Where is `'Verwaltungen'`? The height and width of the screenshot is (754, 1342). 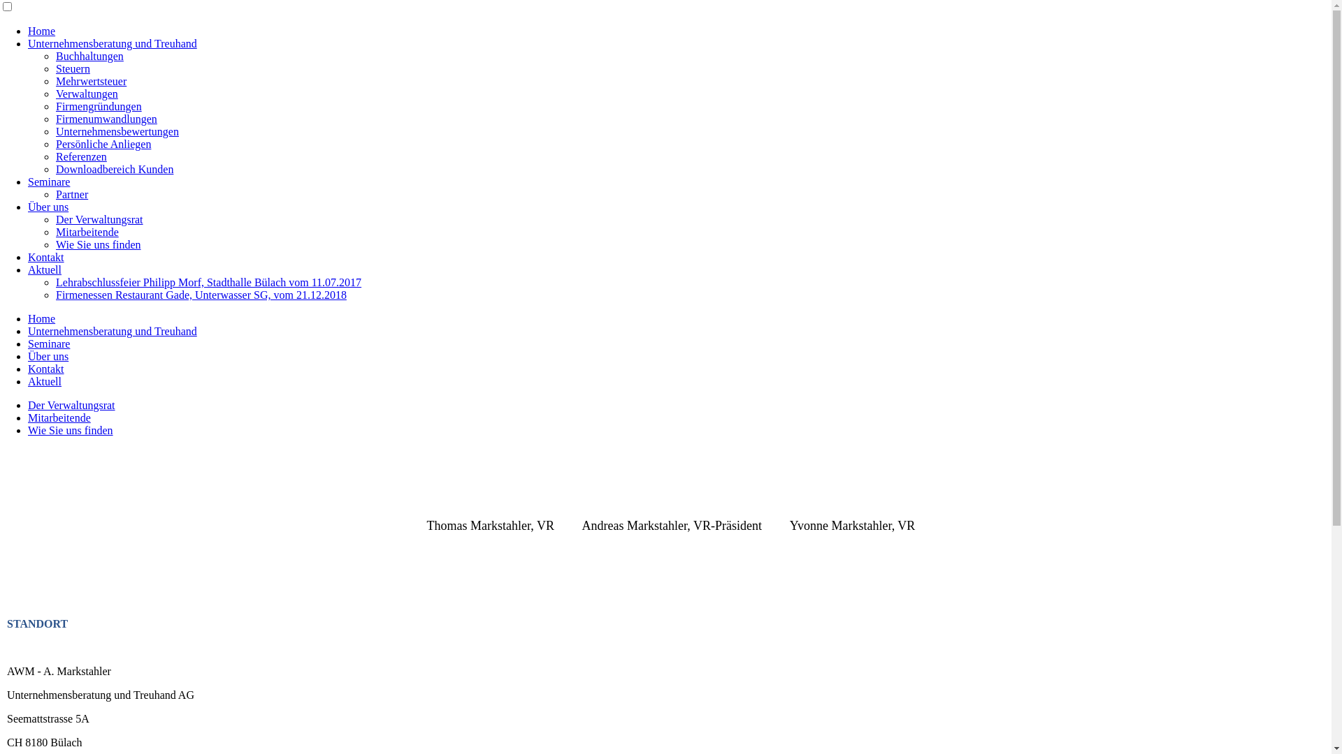 'Verwaltungen' is located at coordinates (86, 94).